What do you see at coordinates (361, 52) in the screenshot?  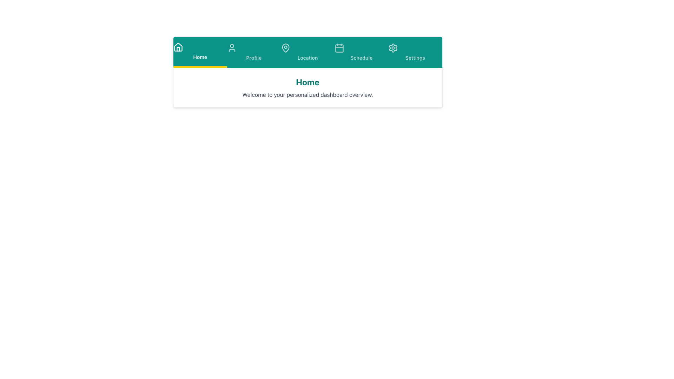 I see `the fourth button in the navigation bar which redirects to the 'Schedule' section to trigger a visual change` at bounding box center [361, 52].